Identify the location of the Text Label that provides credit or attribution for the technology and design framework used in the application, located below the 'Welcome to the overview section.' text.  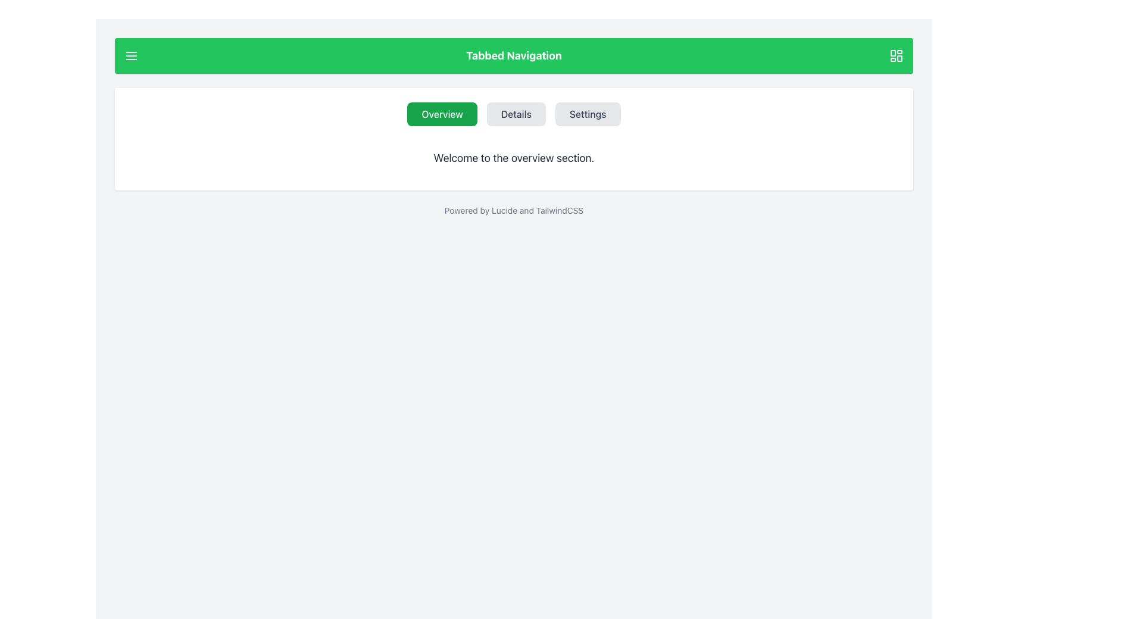
(514, 210).